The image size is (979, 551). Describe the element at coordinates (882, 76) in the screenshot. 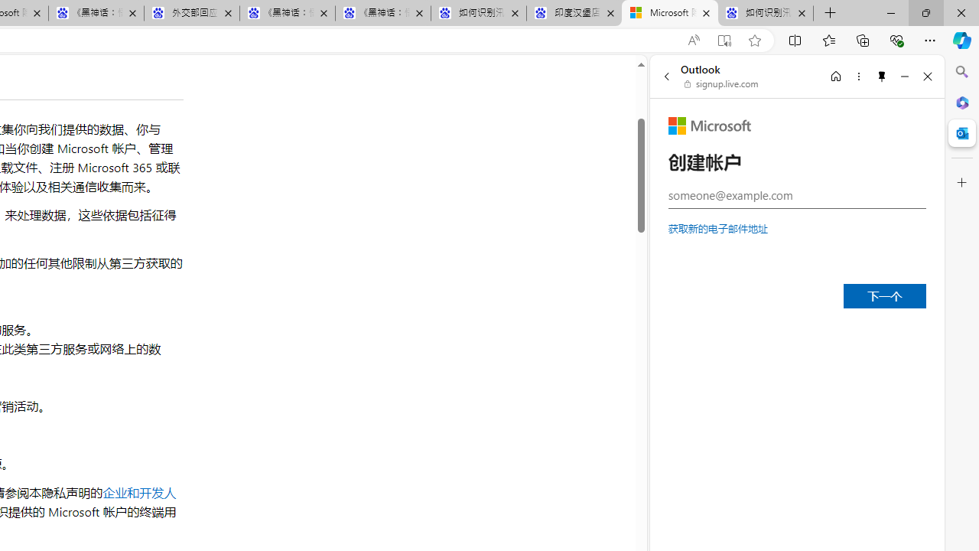

I see `'Unpin side pane'` at that location.